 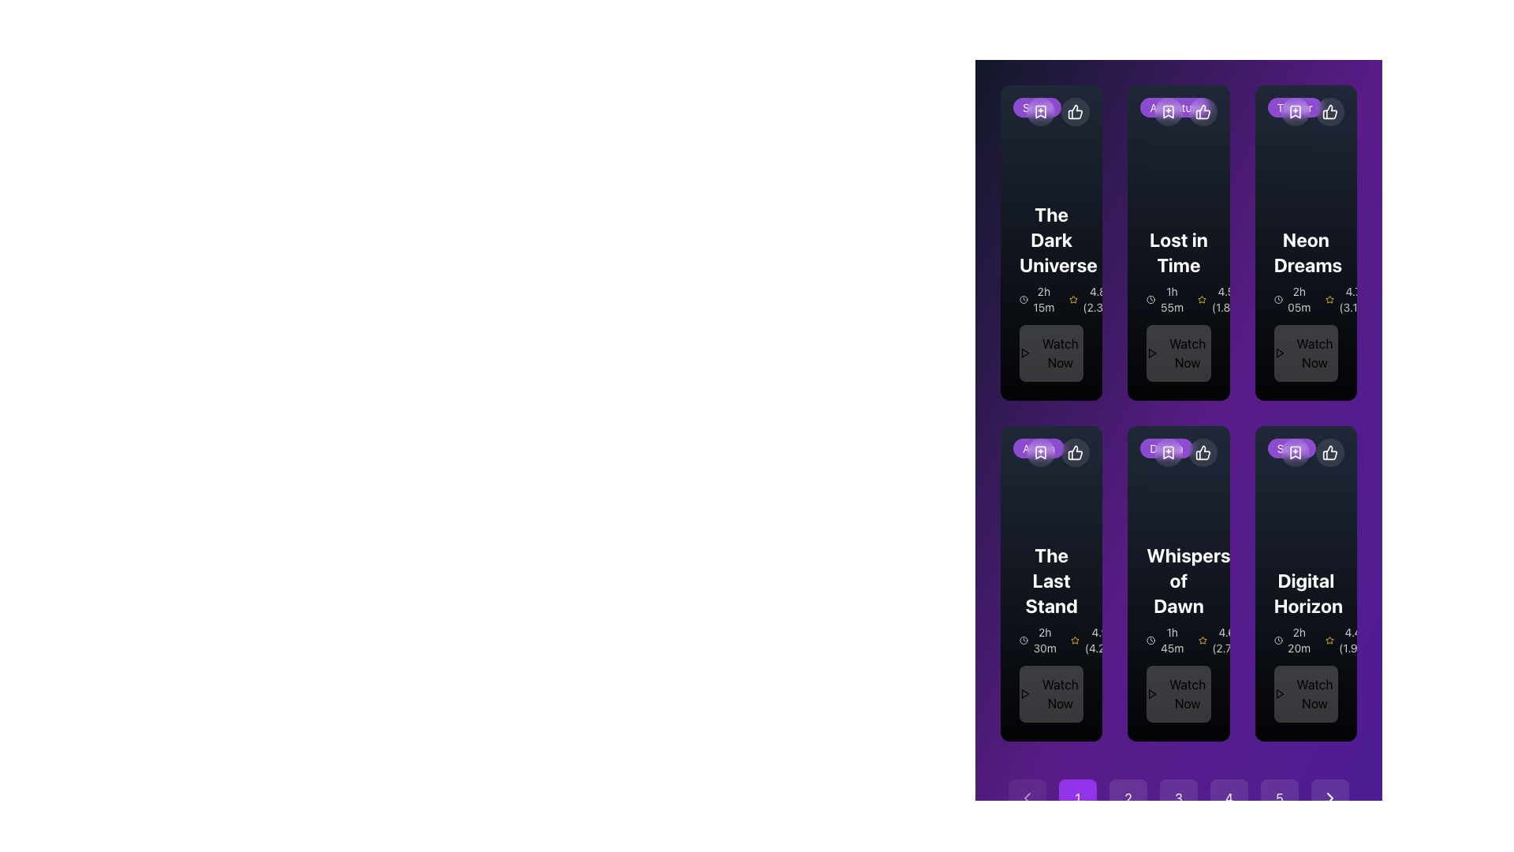 I want to click on duration text displayed below the title of the 'Digital Horizon' card, located at the bottom-left section just above the 'Watch Now' button, so click(x=1293, y=641).